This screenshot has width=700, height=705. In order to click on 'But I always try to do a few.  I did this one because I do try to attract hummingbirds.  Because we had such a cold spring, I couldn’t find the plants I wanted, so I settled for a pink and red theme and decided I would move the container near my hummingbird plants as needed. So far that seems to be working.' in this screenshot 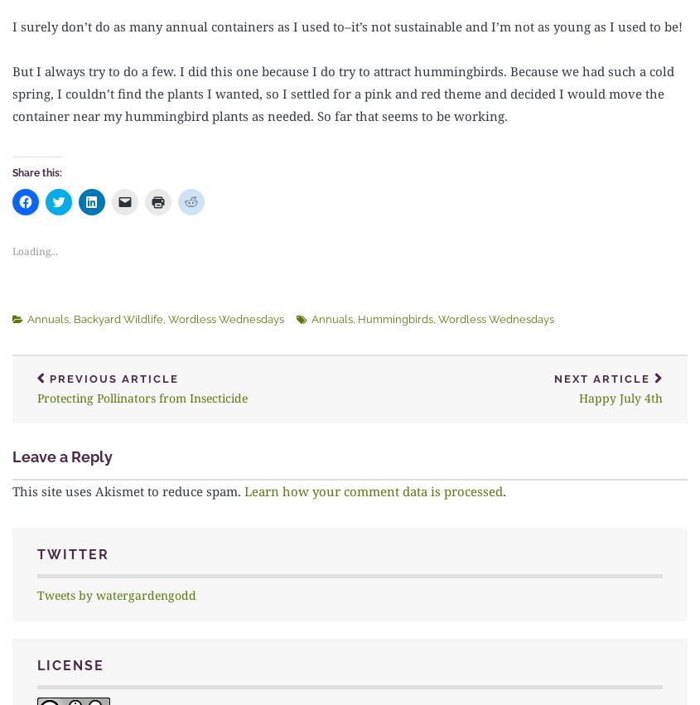, I will do `click(342, 93)`.